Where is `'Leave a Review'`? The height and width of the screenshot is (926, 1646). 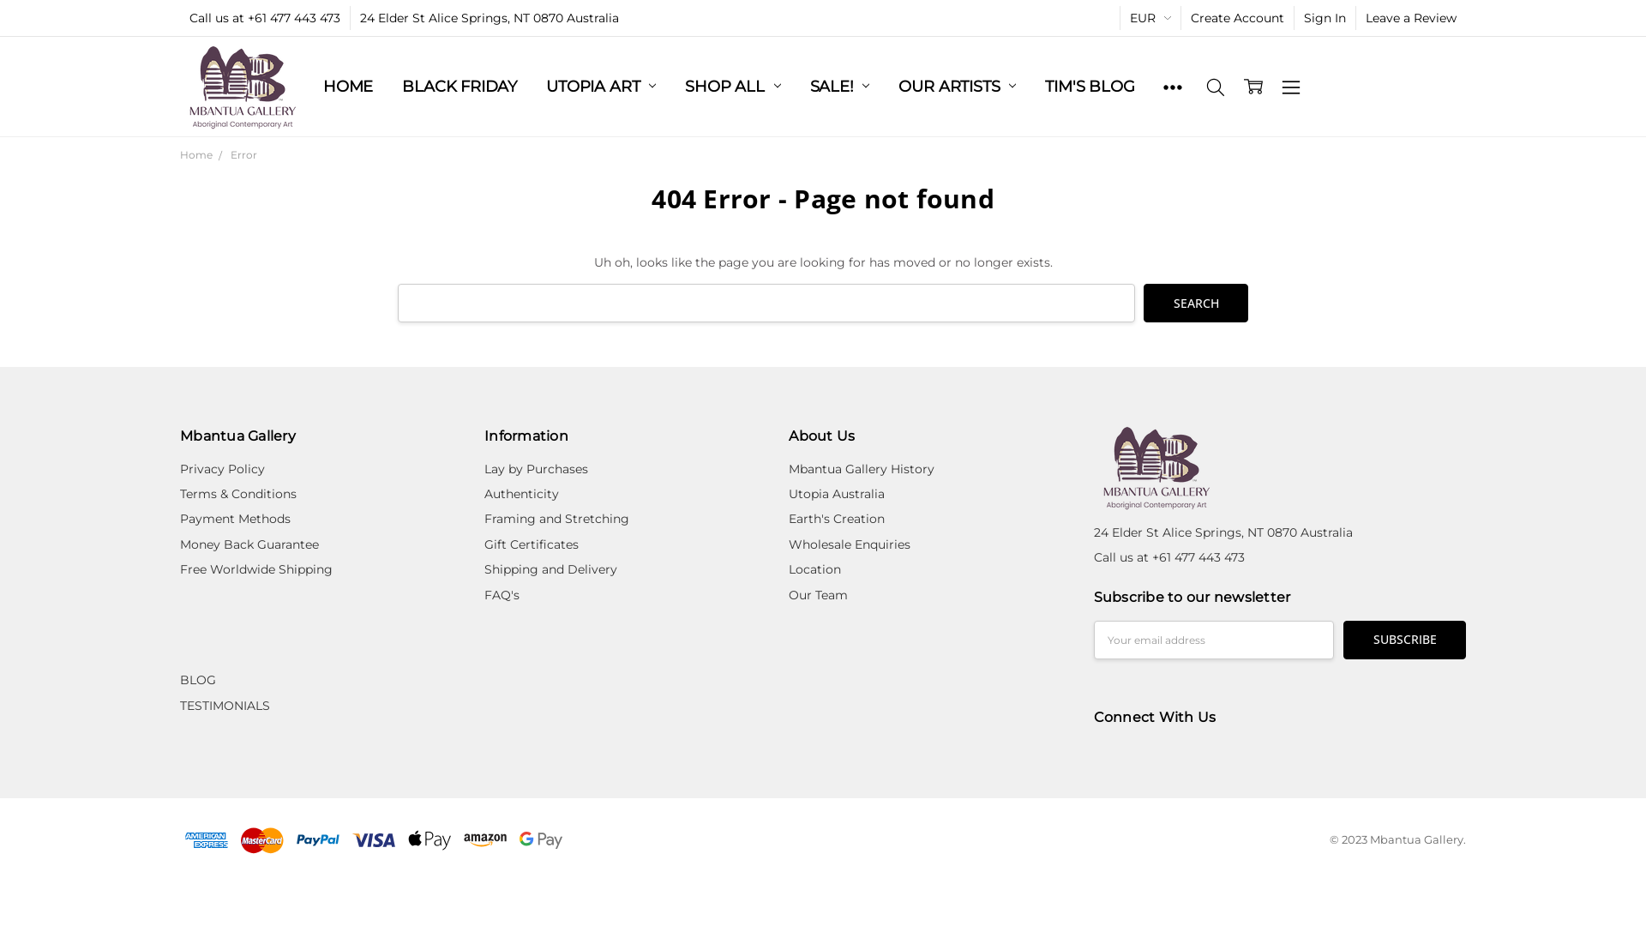 'Leave a Review' is located at coordinates (1411, 17).